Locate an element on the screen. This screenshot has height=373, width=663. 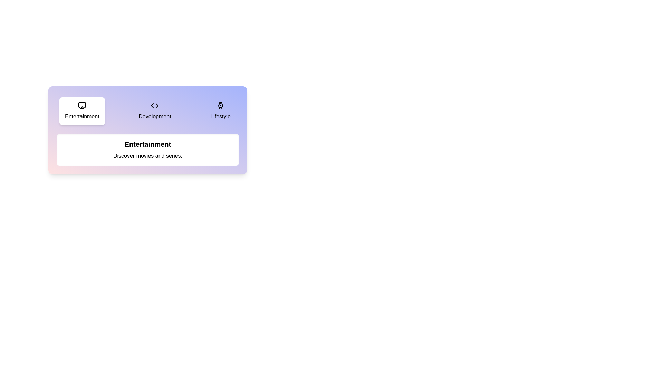
the tab labeled Lifestyle is located at coordinates (220, 111).